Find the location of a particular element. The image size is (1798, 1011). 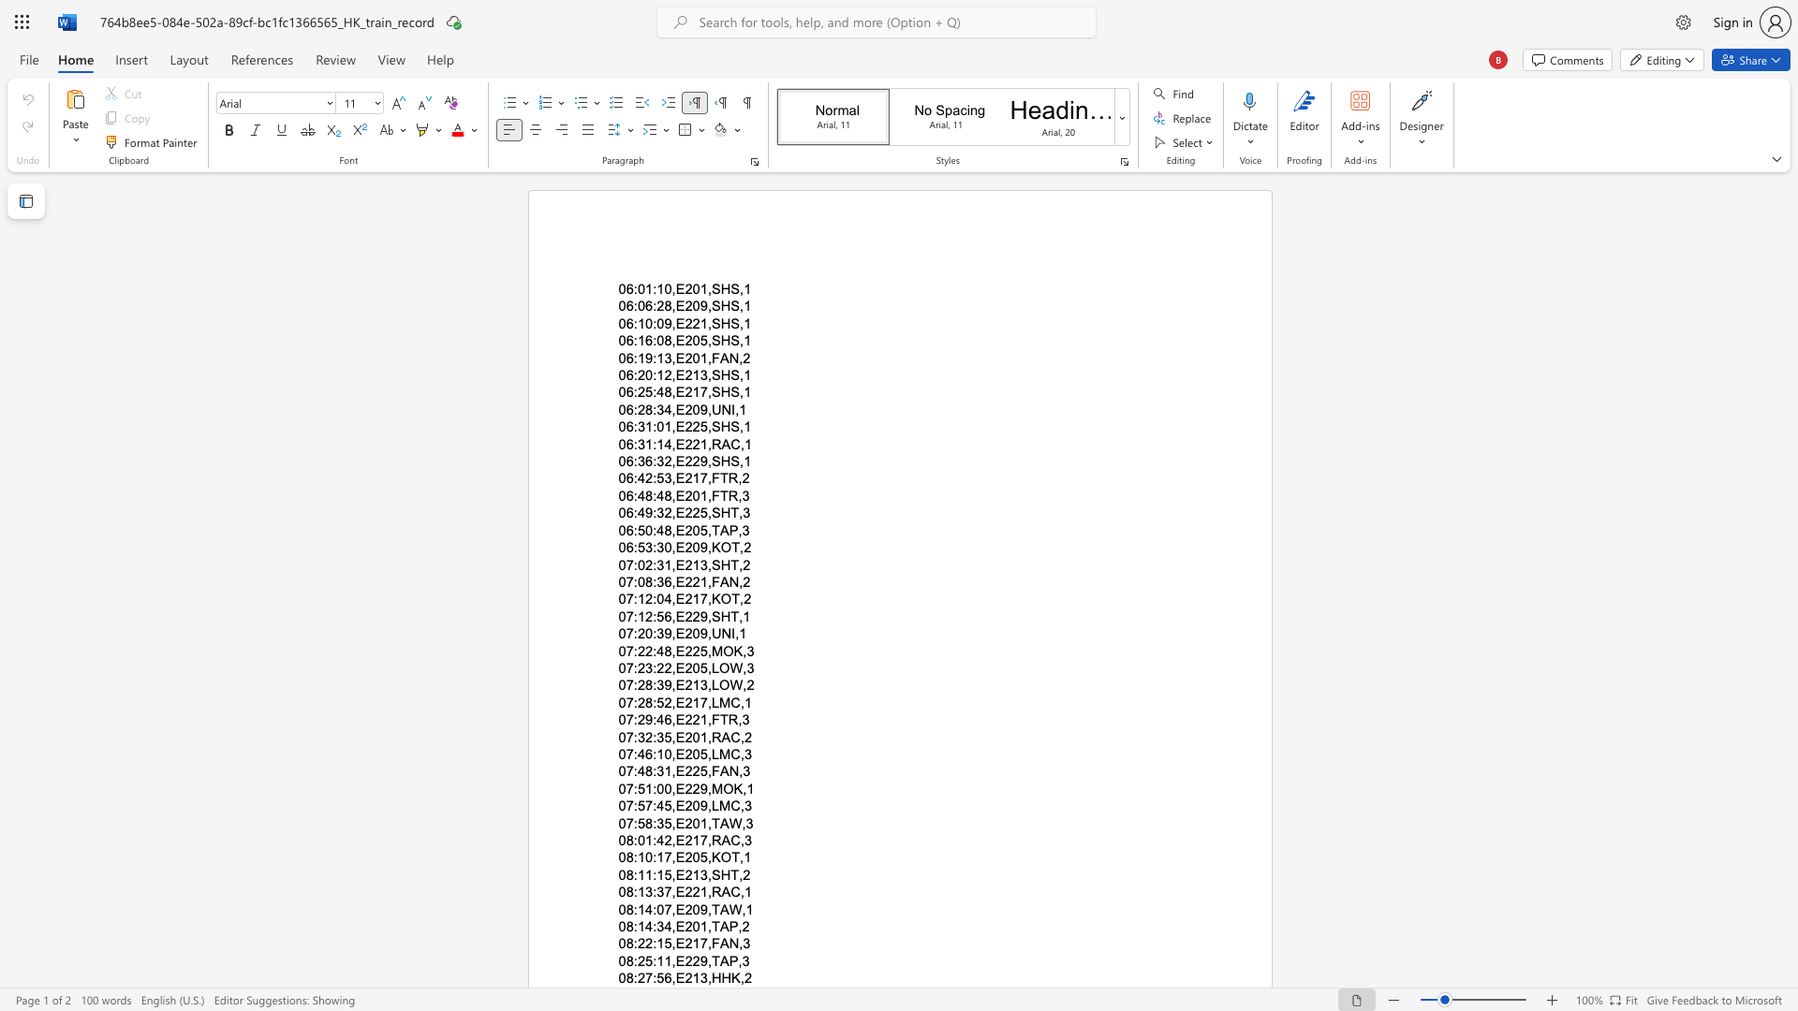

the space between the continuous character "S" and "H" in the text is located at coordinates (719, 322).